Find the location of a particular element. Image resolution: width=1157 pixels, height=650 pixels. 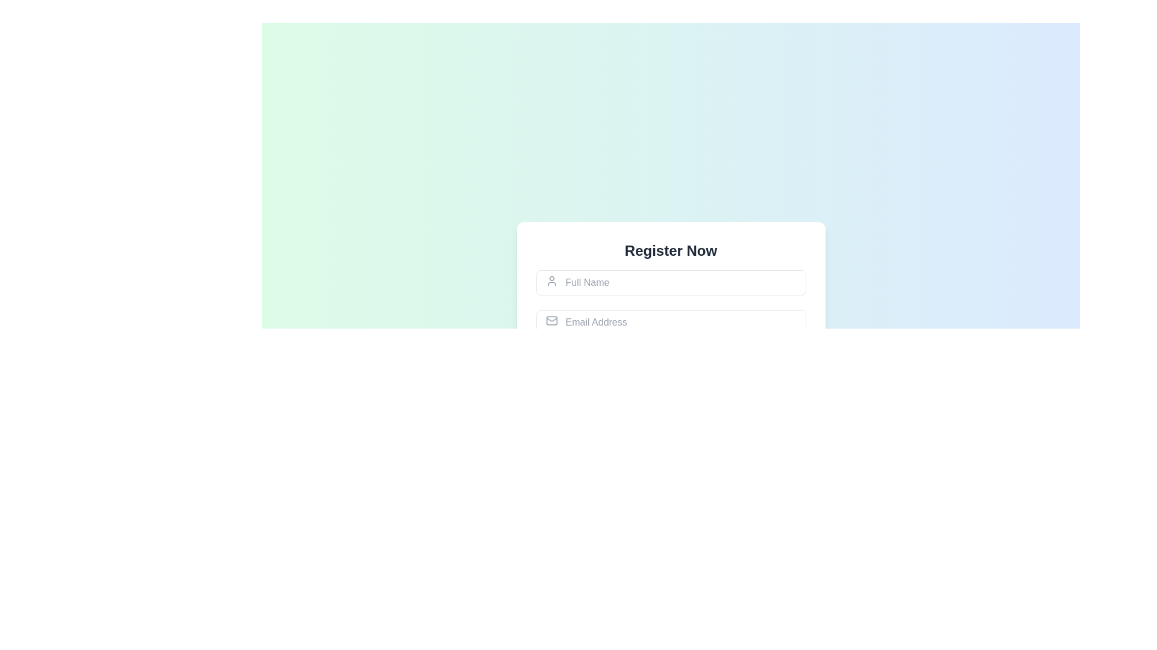

the bold, large heading text 'Register Now' displayed prominently at the top of the registration panel by reading it is located at coordinates (670, 250).